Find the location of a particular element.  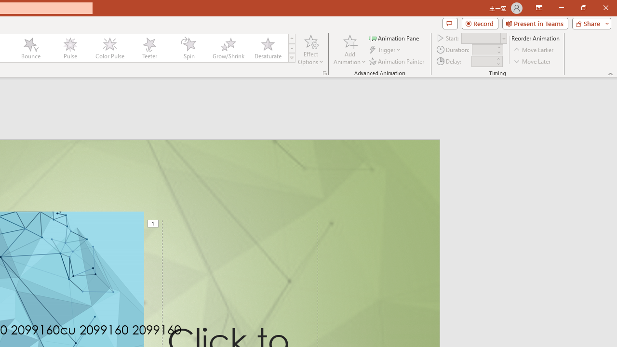

'Spin' is located at coordinates (188, 48).